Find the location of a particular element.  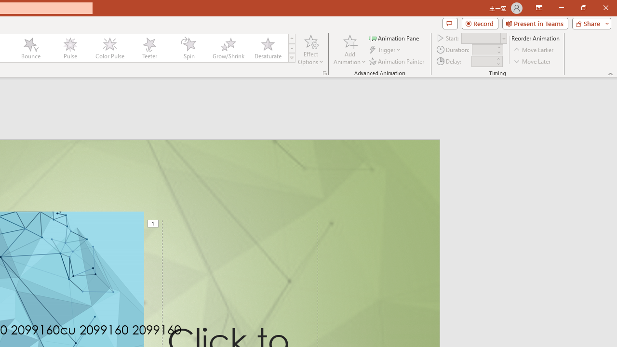

'Spin' is located at coordinates (188, 48).